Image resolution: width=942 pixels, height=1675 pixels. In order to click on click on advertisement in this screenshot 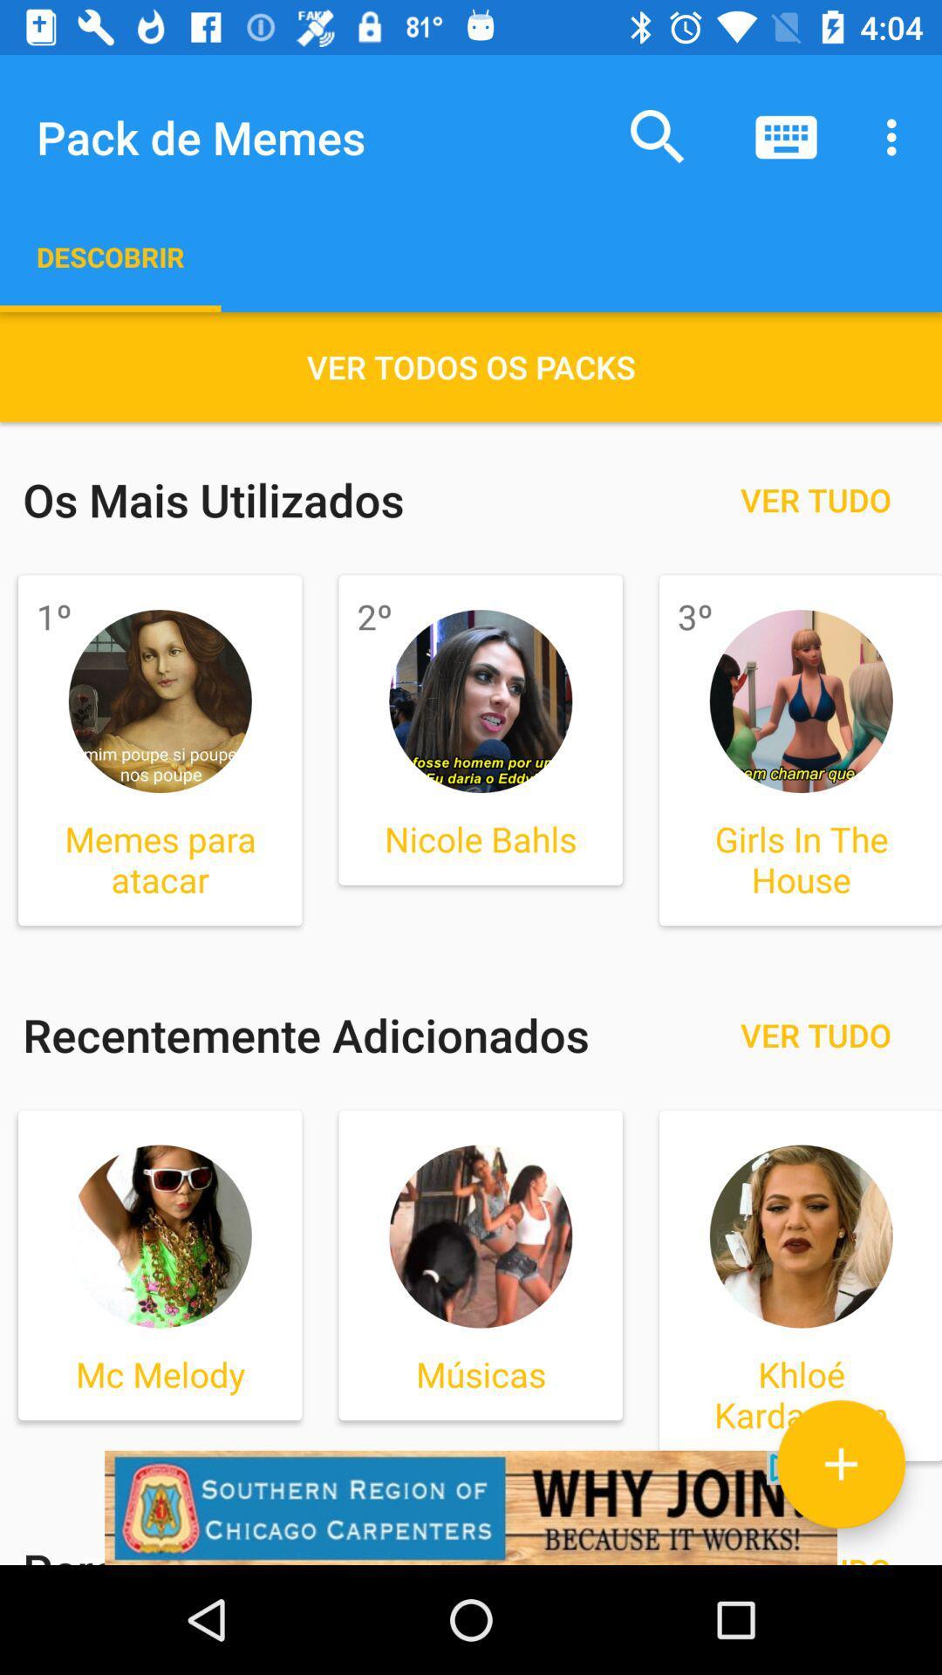, I will do `click(471, 1507)`.